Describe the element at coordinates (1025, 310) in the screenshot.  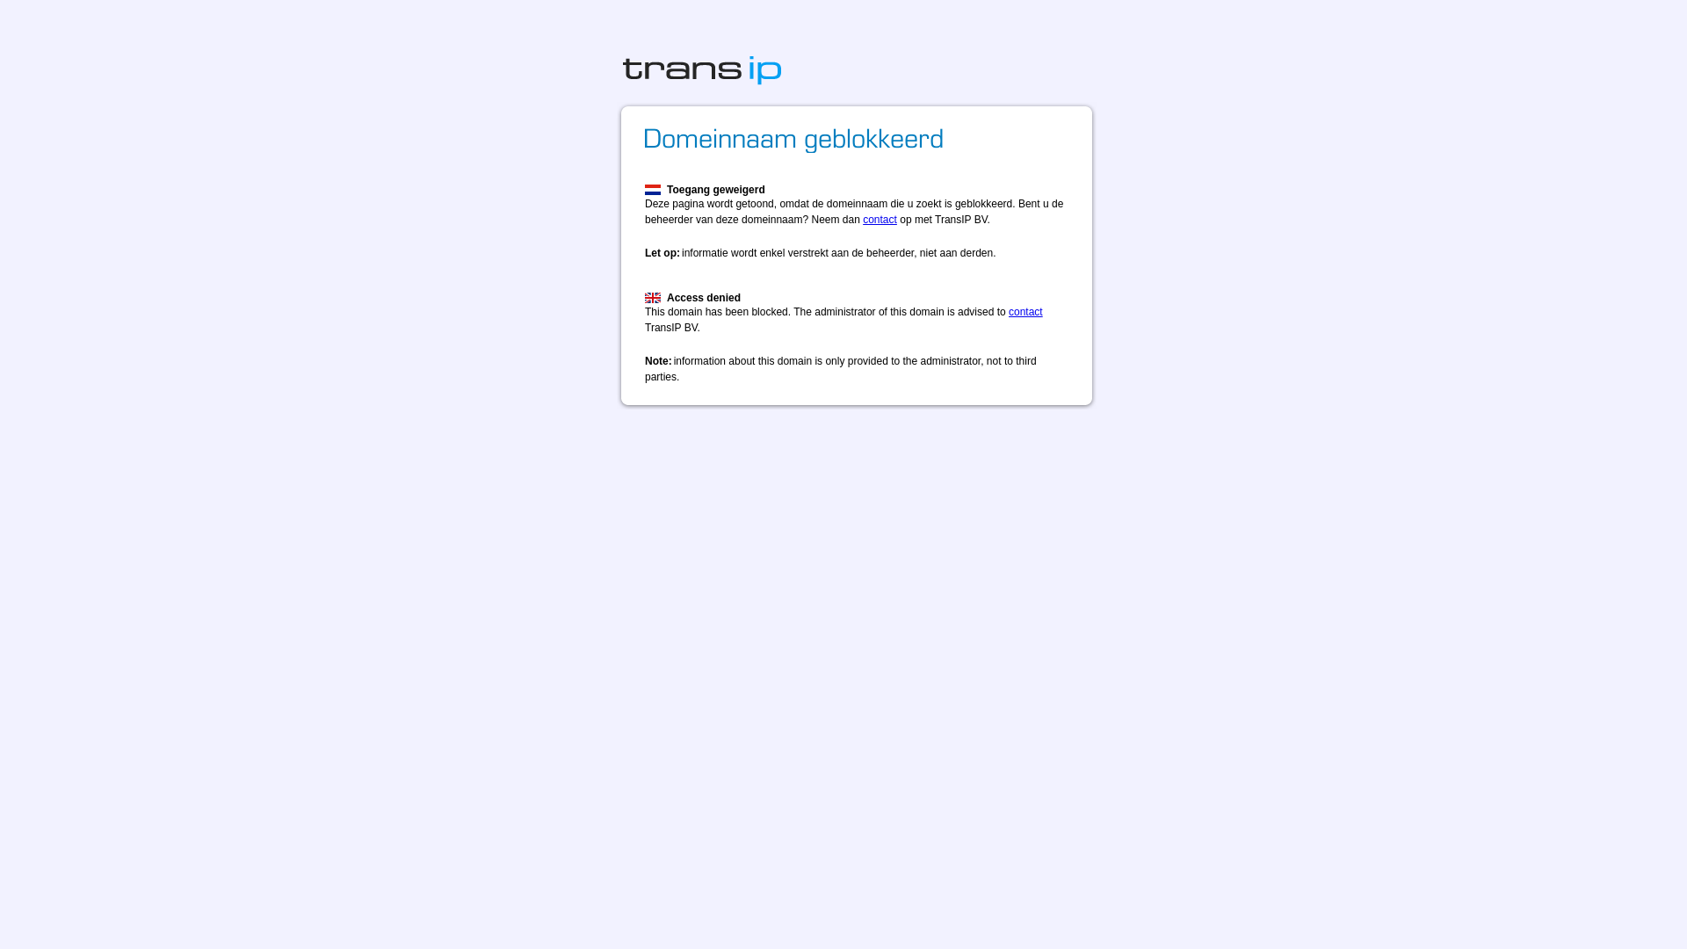
I see `'contact'` at that location.